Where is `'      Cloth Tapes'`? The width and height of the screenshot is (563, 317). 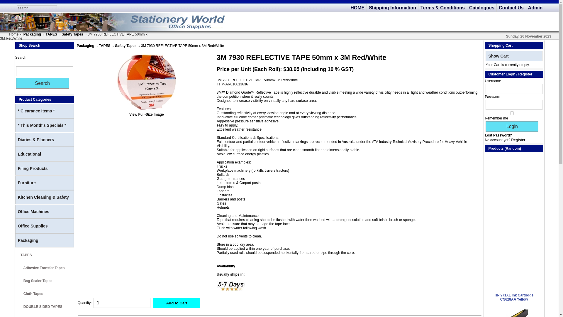
'      Cloth Tapes' is located at coordinates (16, 293).